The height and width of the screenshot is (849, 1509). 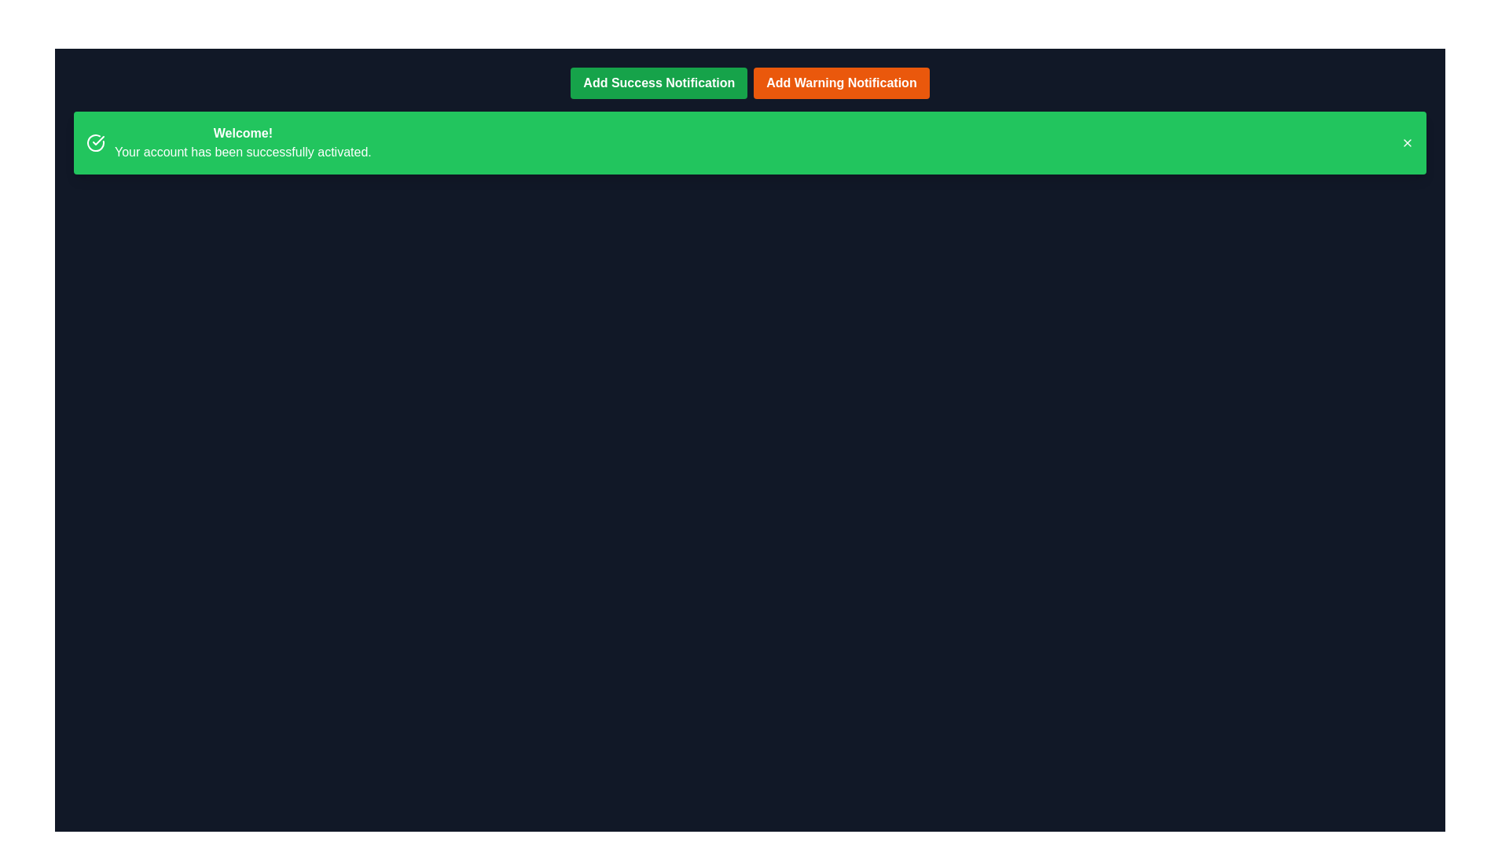 What do you see at coordinates (228, 142) in the screenshot?
I see `notification message titled 'Welcome!' that indicates account activation success, located at the top-center of the view` at bounding box center [228, 142].